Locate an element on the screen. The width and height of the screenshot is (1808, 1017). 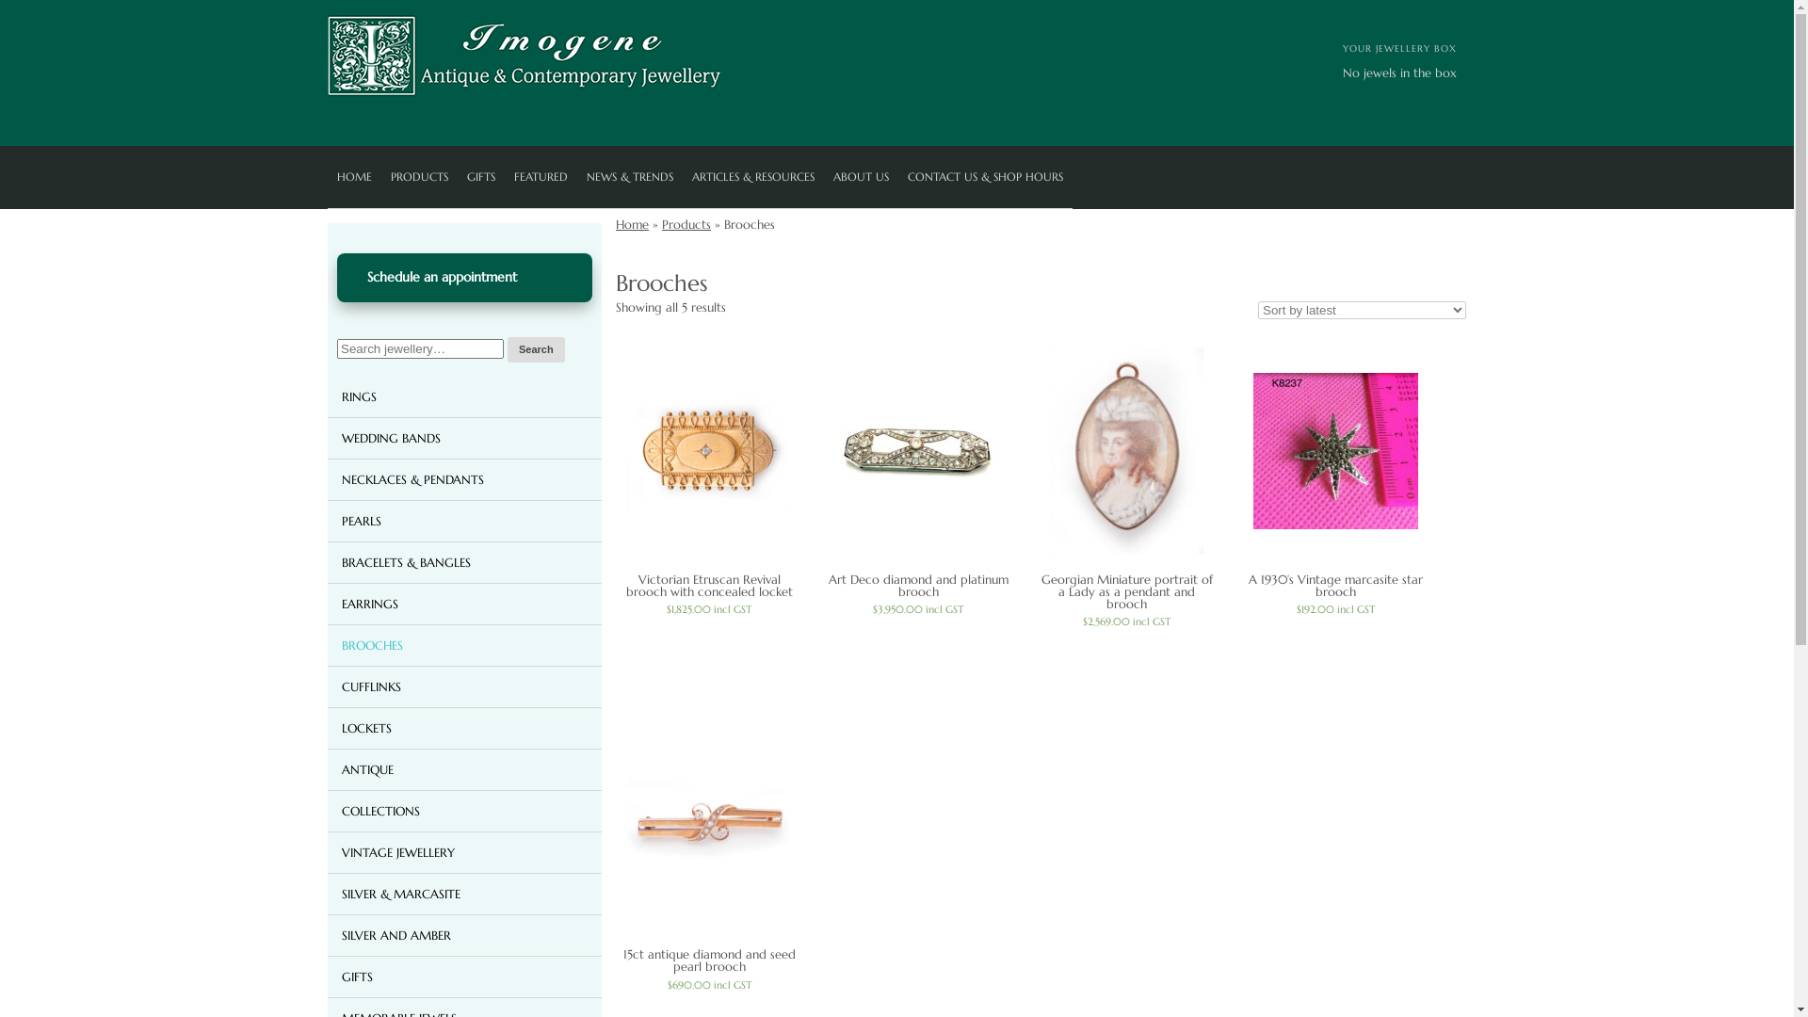
'BROOCHES' is located at coordinates (327, 643).